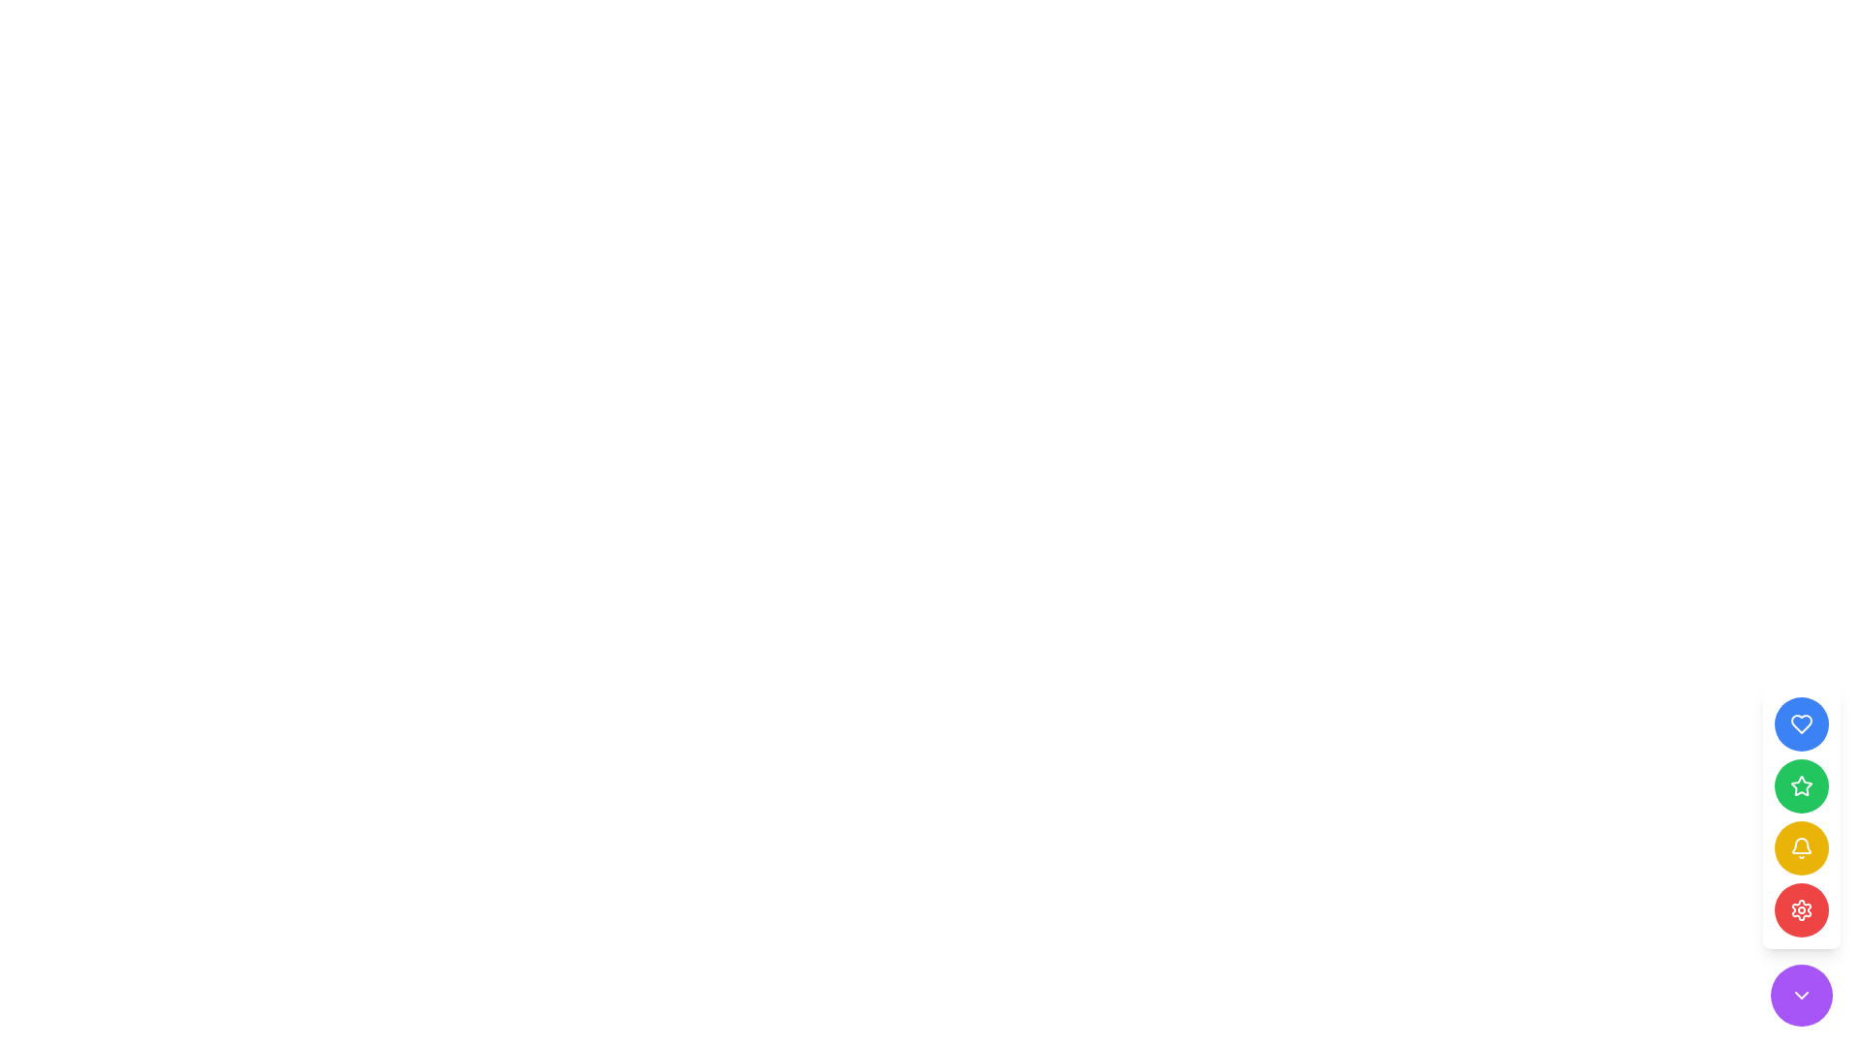 Image resolution: width=1860 pixels, height=1046 pixels. Describe the element at coordinates (1801, 846) in the screenshot. I see `the circular button with a yellow background and a white bell icon located at the lower-right section of the interface to trigger visual feedback` at that location.